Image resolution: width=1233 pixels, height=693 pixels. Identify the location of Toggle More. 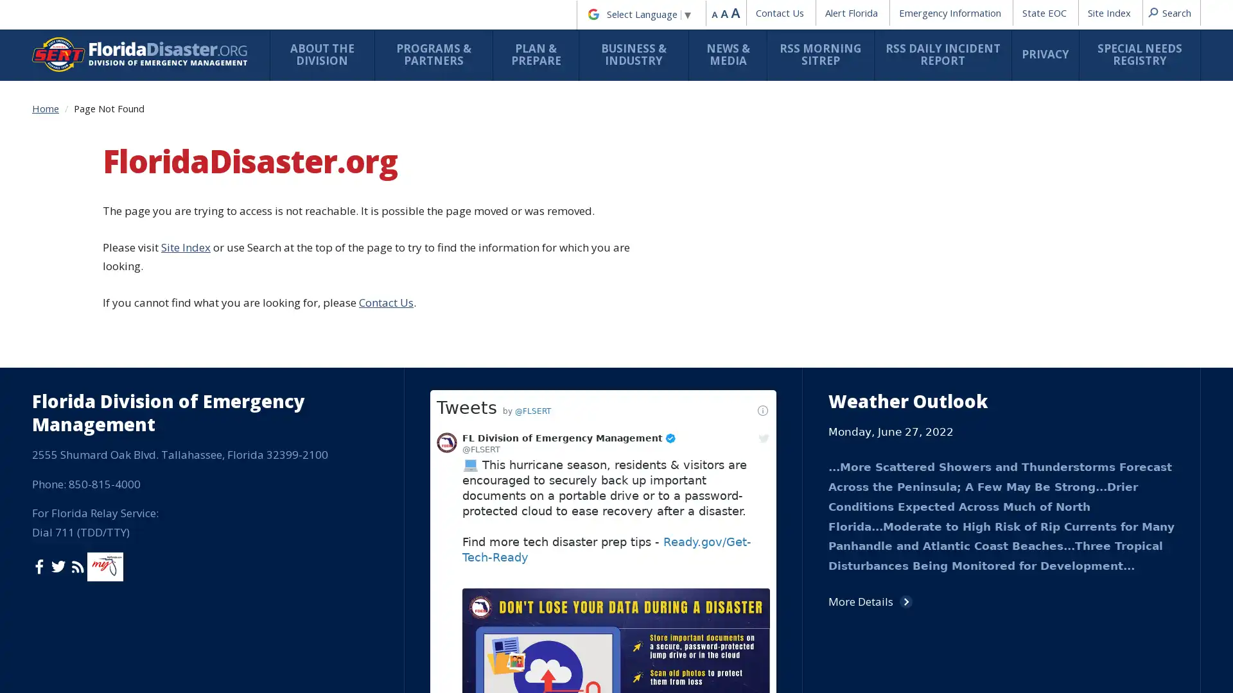
(514, 171).